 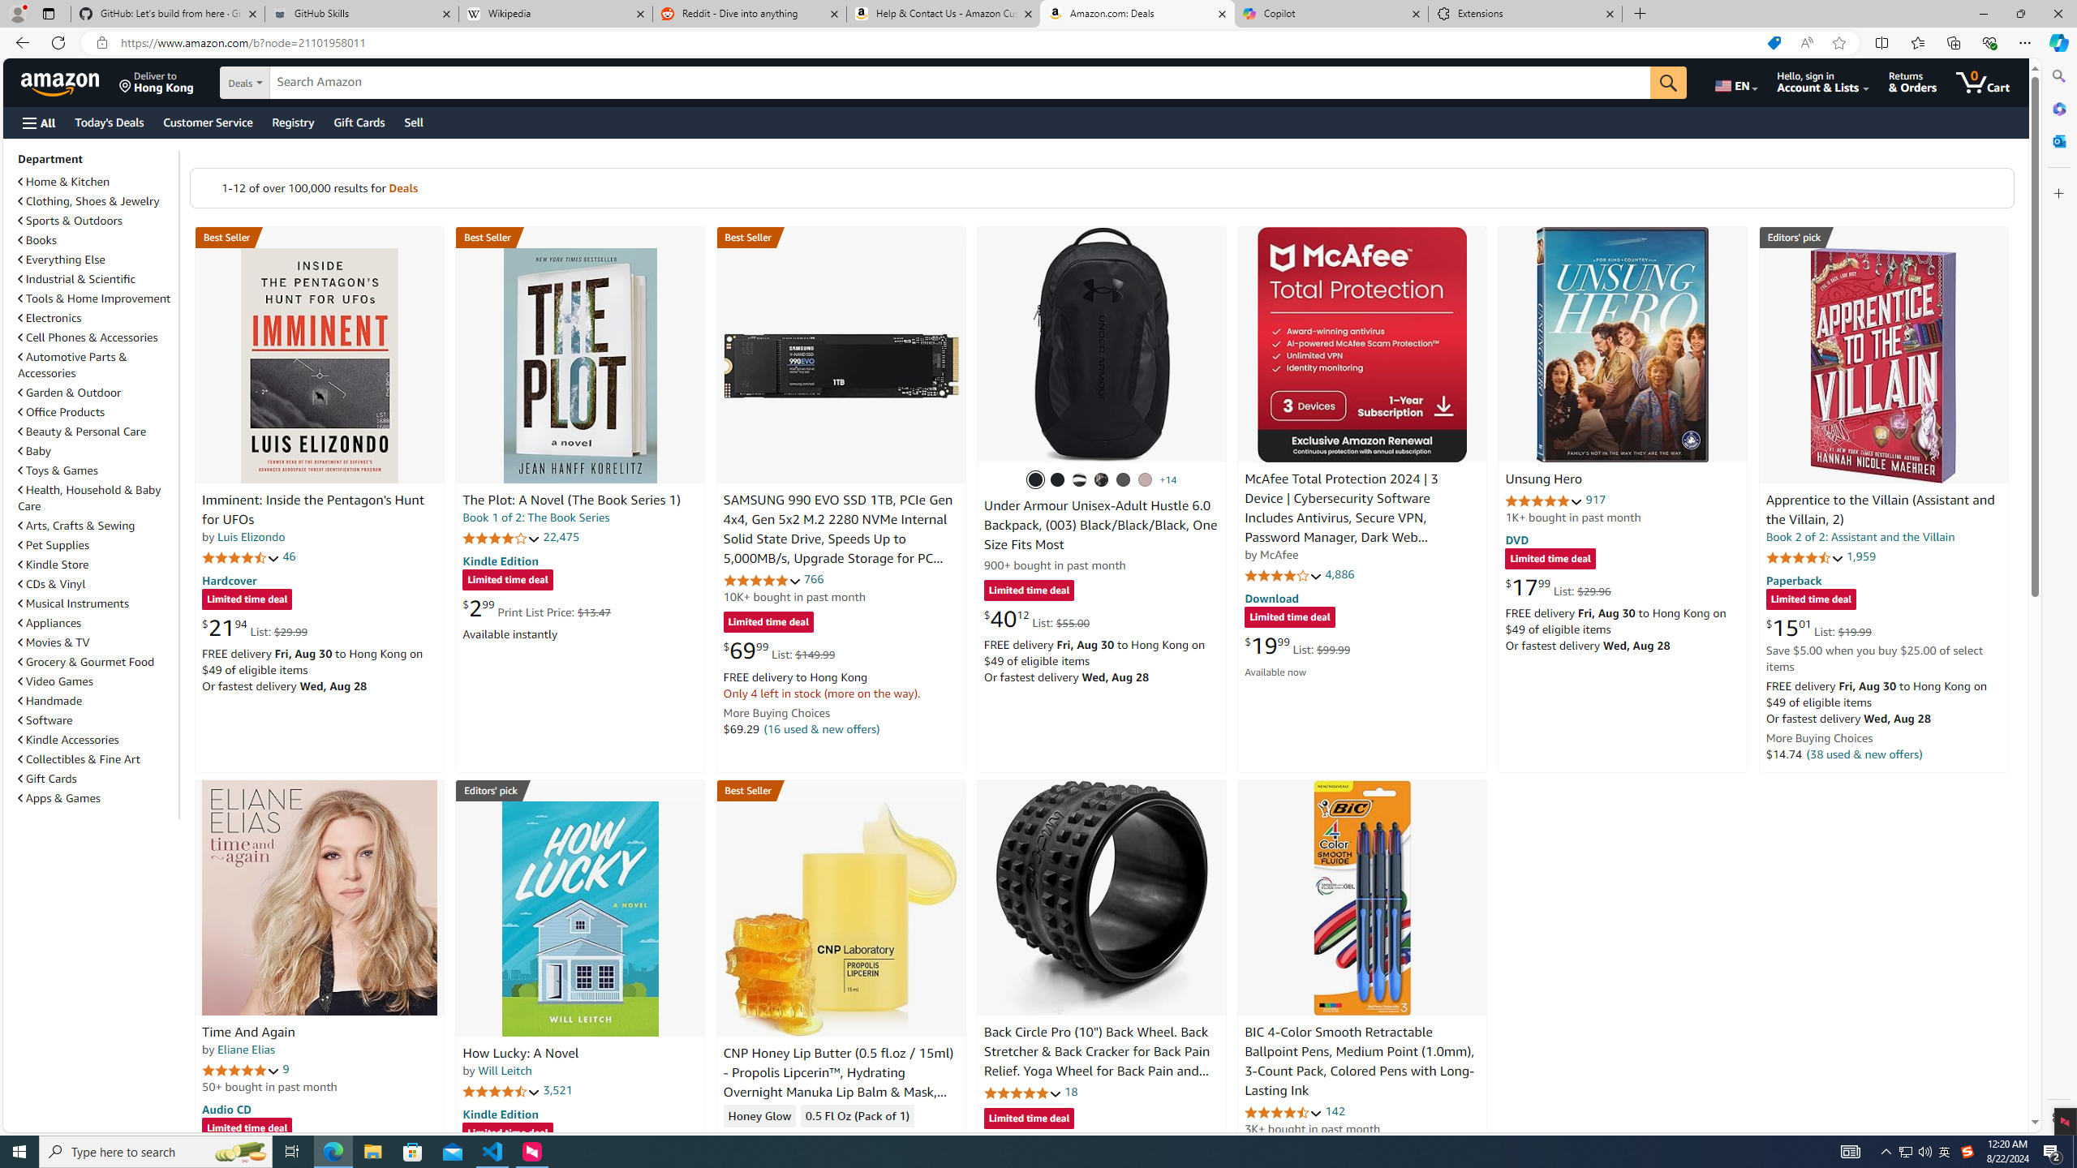 I want to click on '(002) Black / Black / White', so click(x=1077, y=479).